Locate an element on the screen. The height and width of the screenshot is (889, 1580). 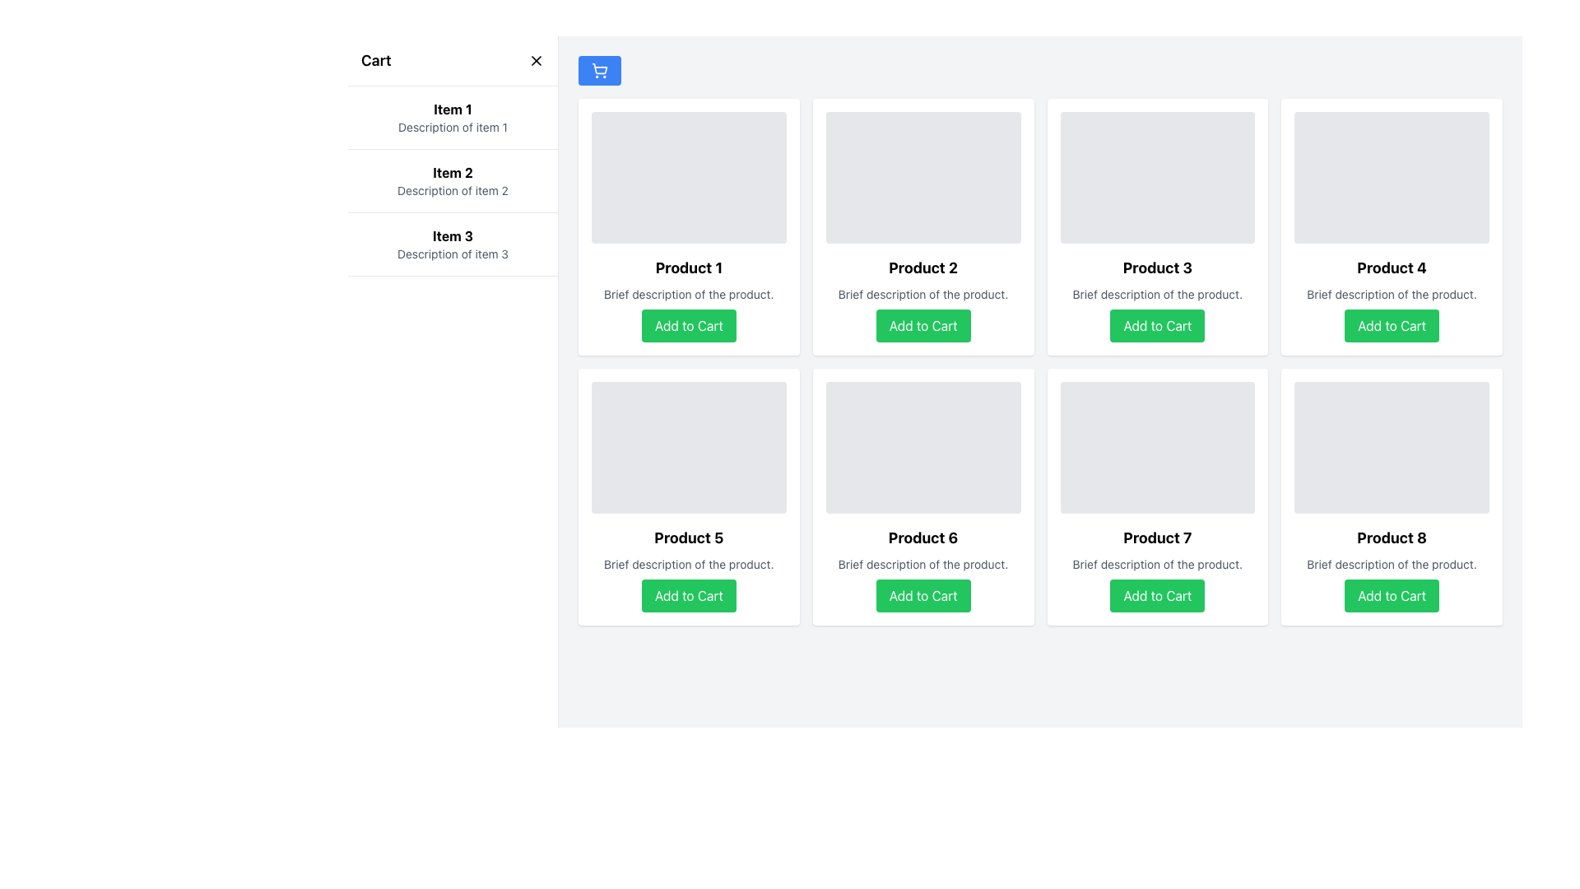
the close button located at the top right corner of the cart section header is located at coordinates (537, 59).